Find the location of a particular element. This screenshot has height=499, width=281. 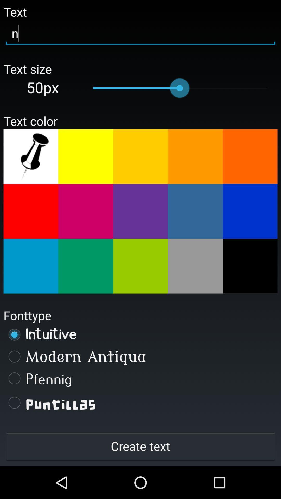

third color in first row is located at coordinates (140, 156).